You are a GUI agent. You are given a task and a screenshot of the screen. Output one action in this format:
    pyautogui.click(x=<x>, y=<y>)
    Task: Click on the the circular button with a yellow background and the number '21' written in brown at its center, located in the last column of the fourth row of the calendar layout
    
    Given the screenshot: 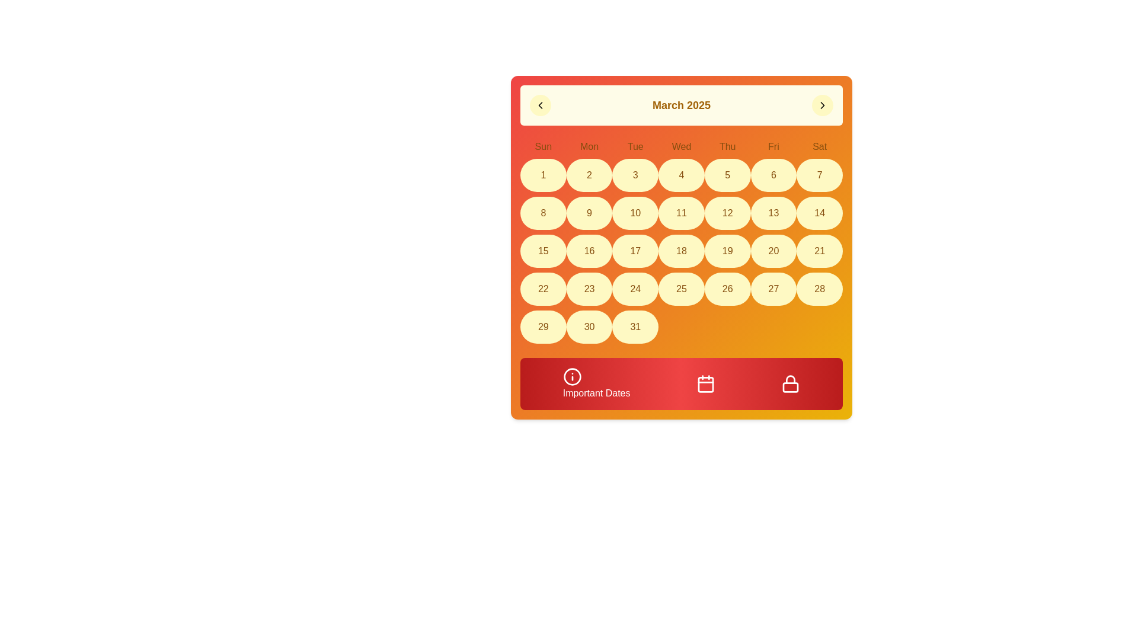 What is the action you would take?
    pyautogui.click(x=819, y=251)
    